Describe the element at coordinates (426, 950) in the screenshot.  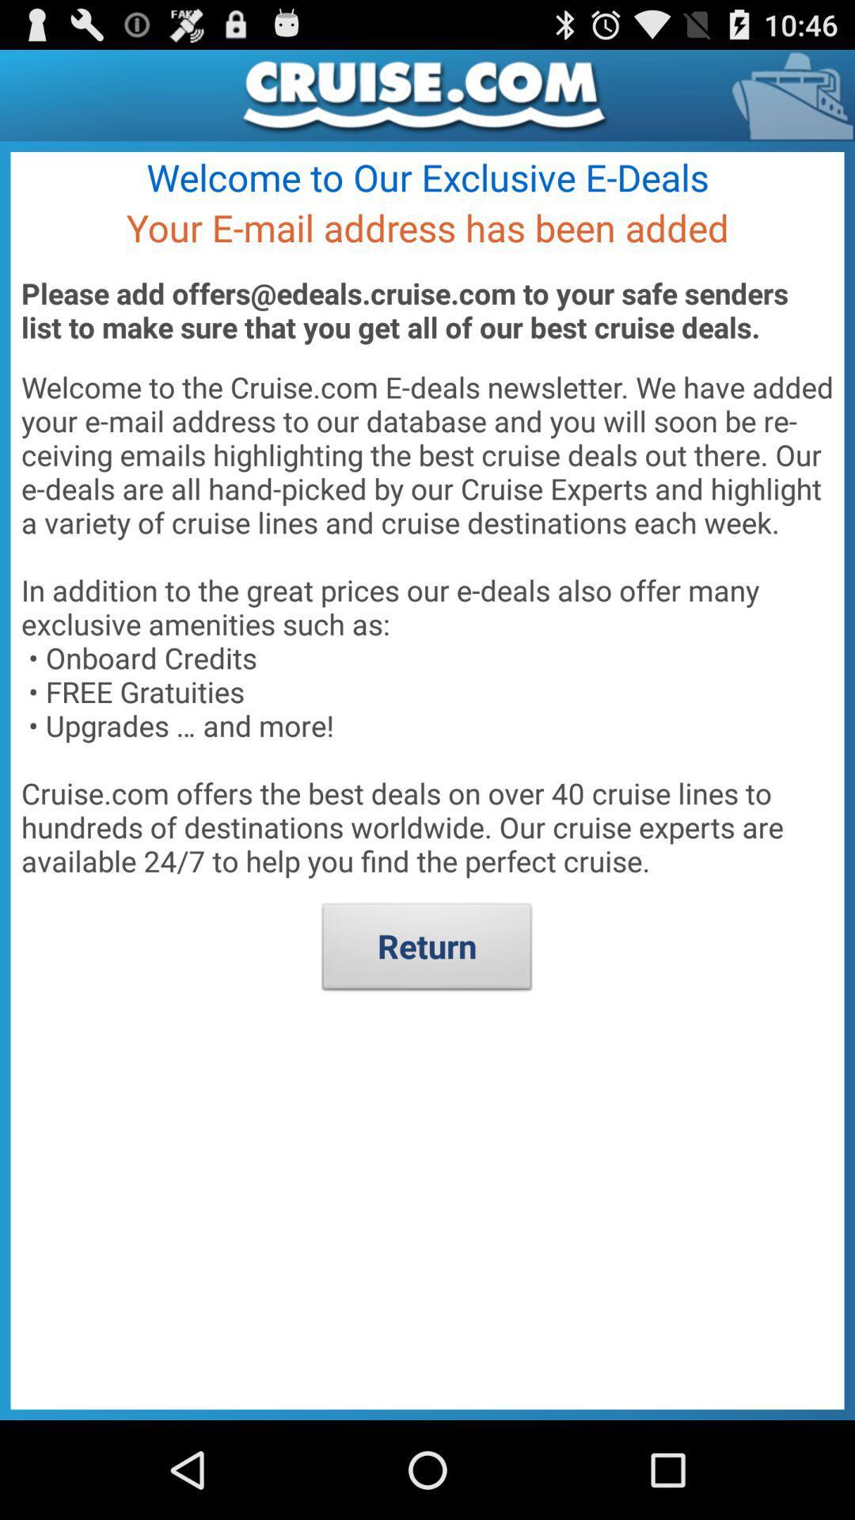
I see `return` at that location.